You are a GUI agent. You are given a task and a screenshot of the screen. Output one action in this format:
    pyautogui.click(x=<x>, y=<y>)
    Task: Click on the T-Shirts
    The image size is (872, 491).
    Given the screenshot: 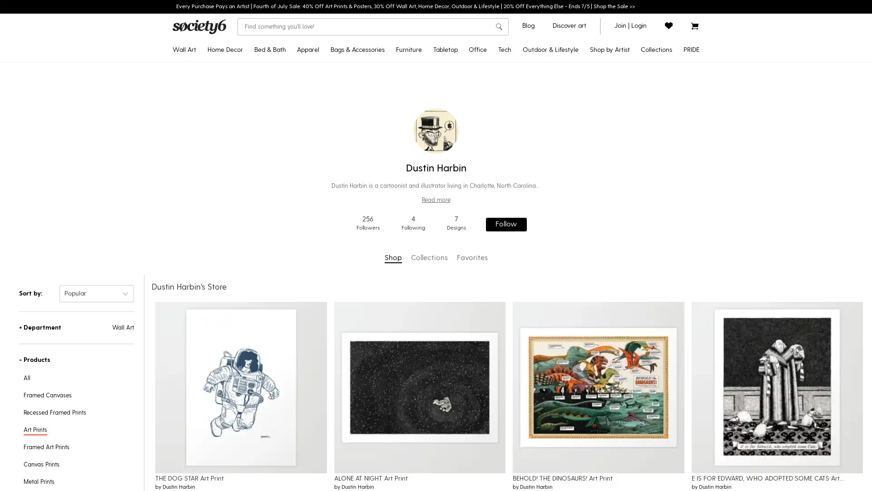 What is the action you would take?
    pyautogui.click(x=337, y=73)
    